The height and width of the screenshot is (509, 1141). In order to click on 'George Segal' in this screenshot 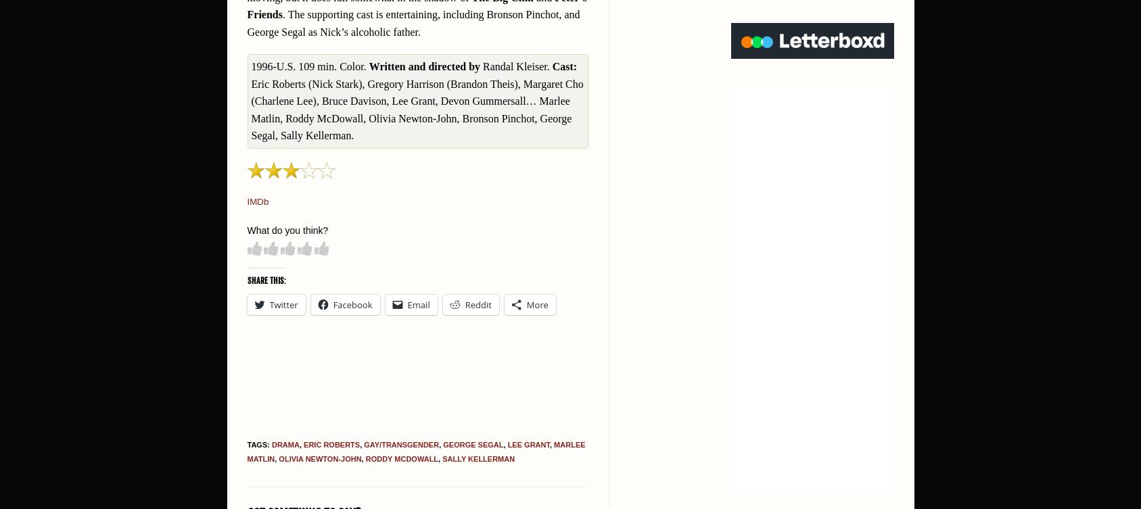, I will do `click(473, 443)`.